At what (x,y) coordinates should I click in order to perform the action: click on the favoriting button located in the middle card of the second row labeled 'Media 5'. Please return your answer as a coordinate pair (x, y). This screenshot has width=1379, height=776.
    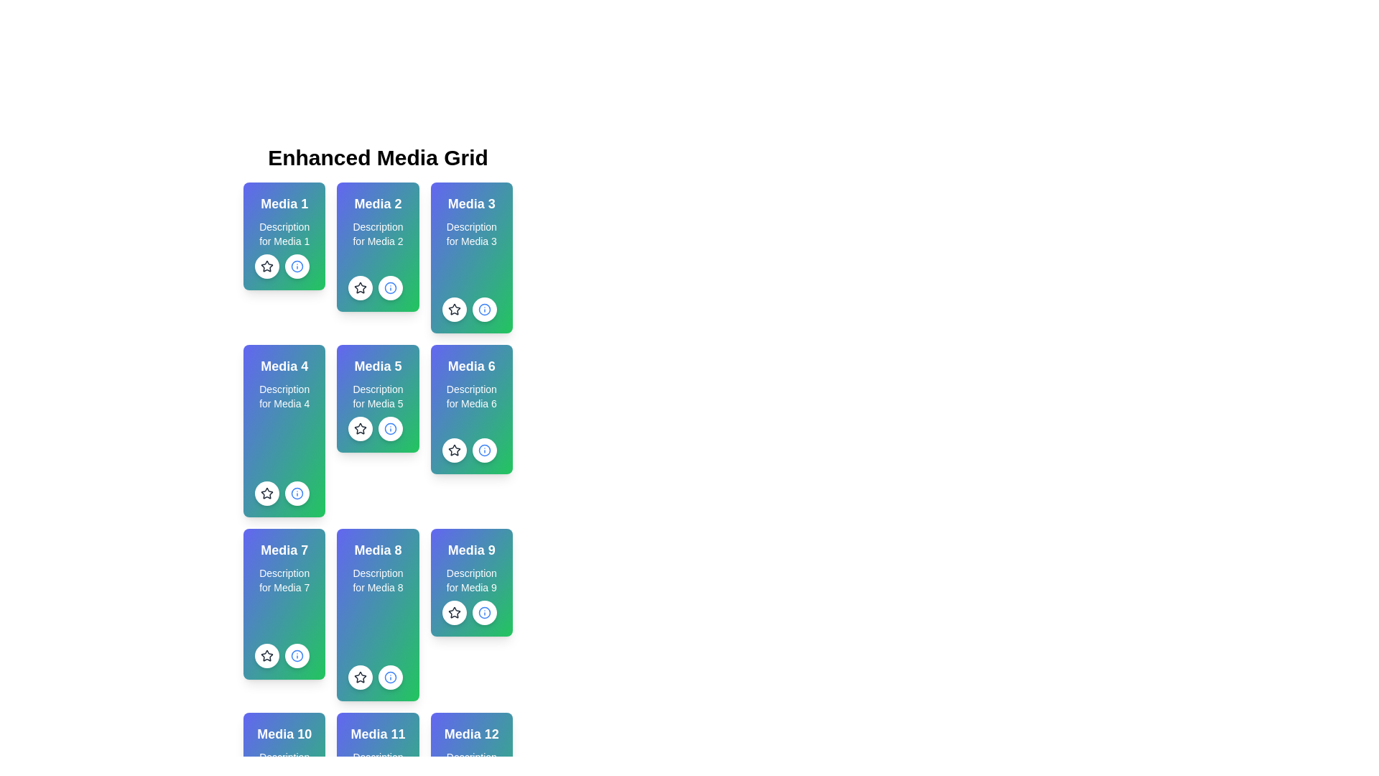
    Looking at the image, I should click on (361, 428).